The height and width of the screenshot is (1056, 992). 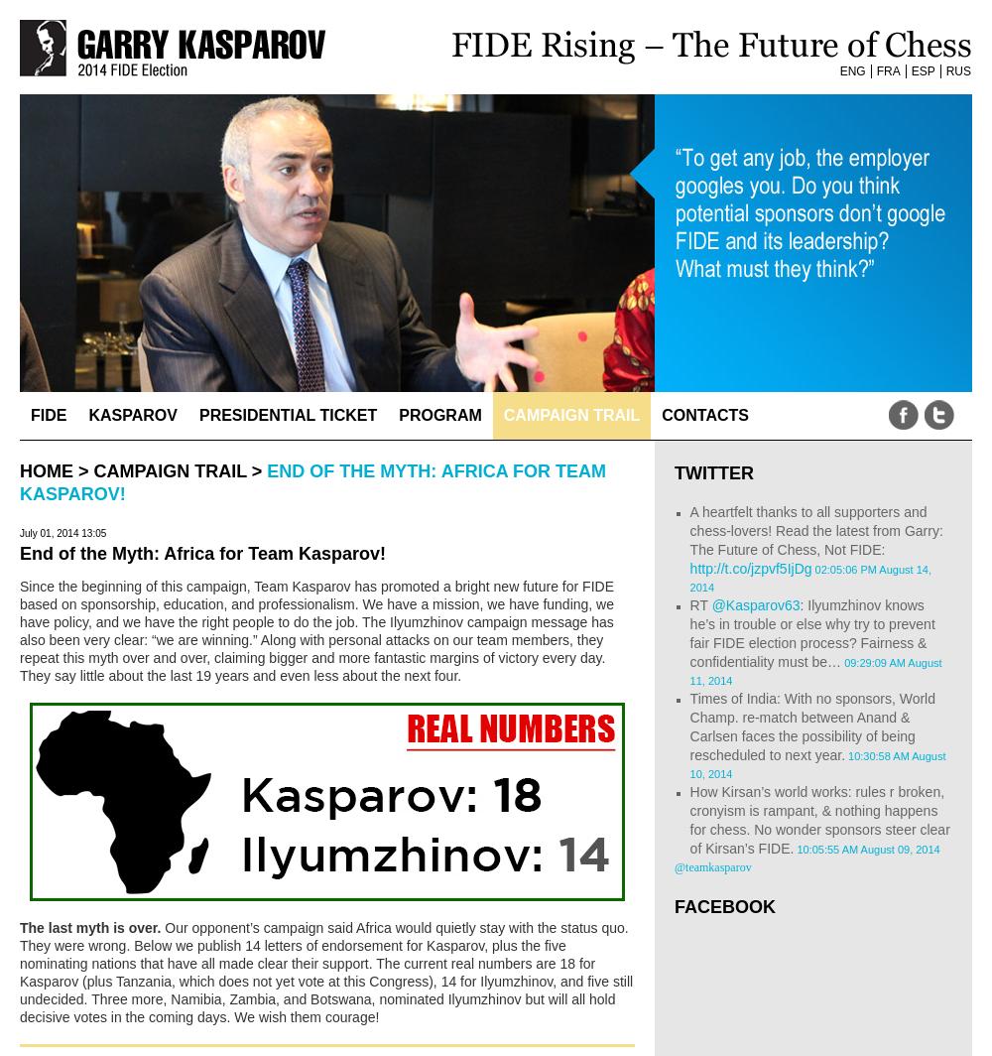 I want to click on '02:05:06 PM August 14, 2014', so click(x=808, y=578).